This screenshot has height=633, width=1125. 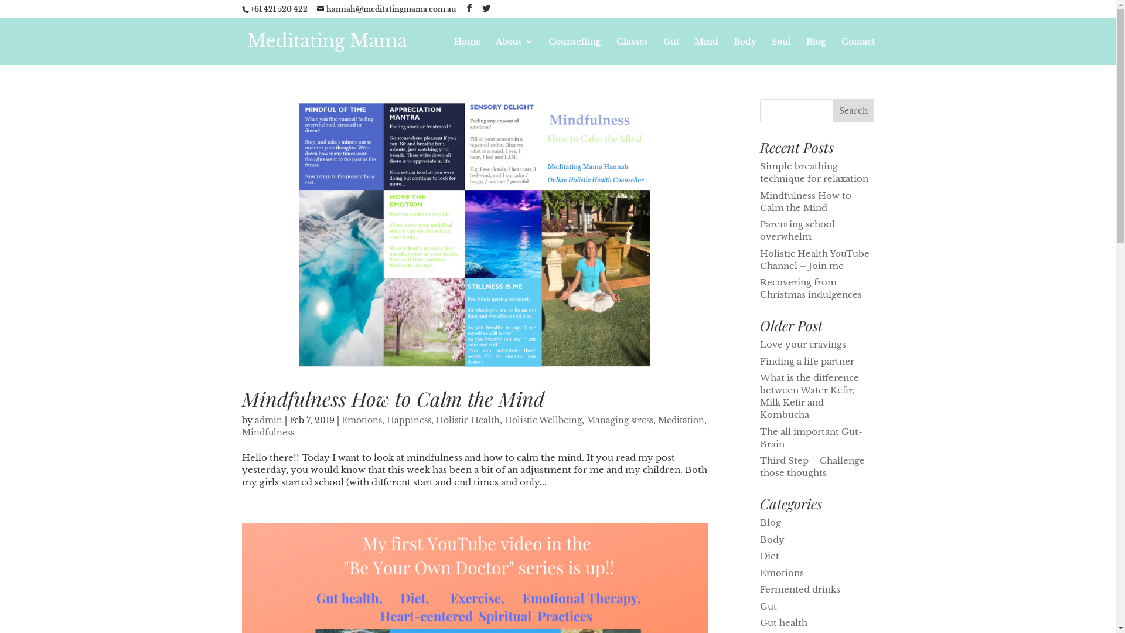 I want to click on 'Gut', so click(x=768, y=605).